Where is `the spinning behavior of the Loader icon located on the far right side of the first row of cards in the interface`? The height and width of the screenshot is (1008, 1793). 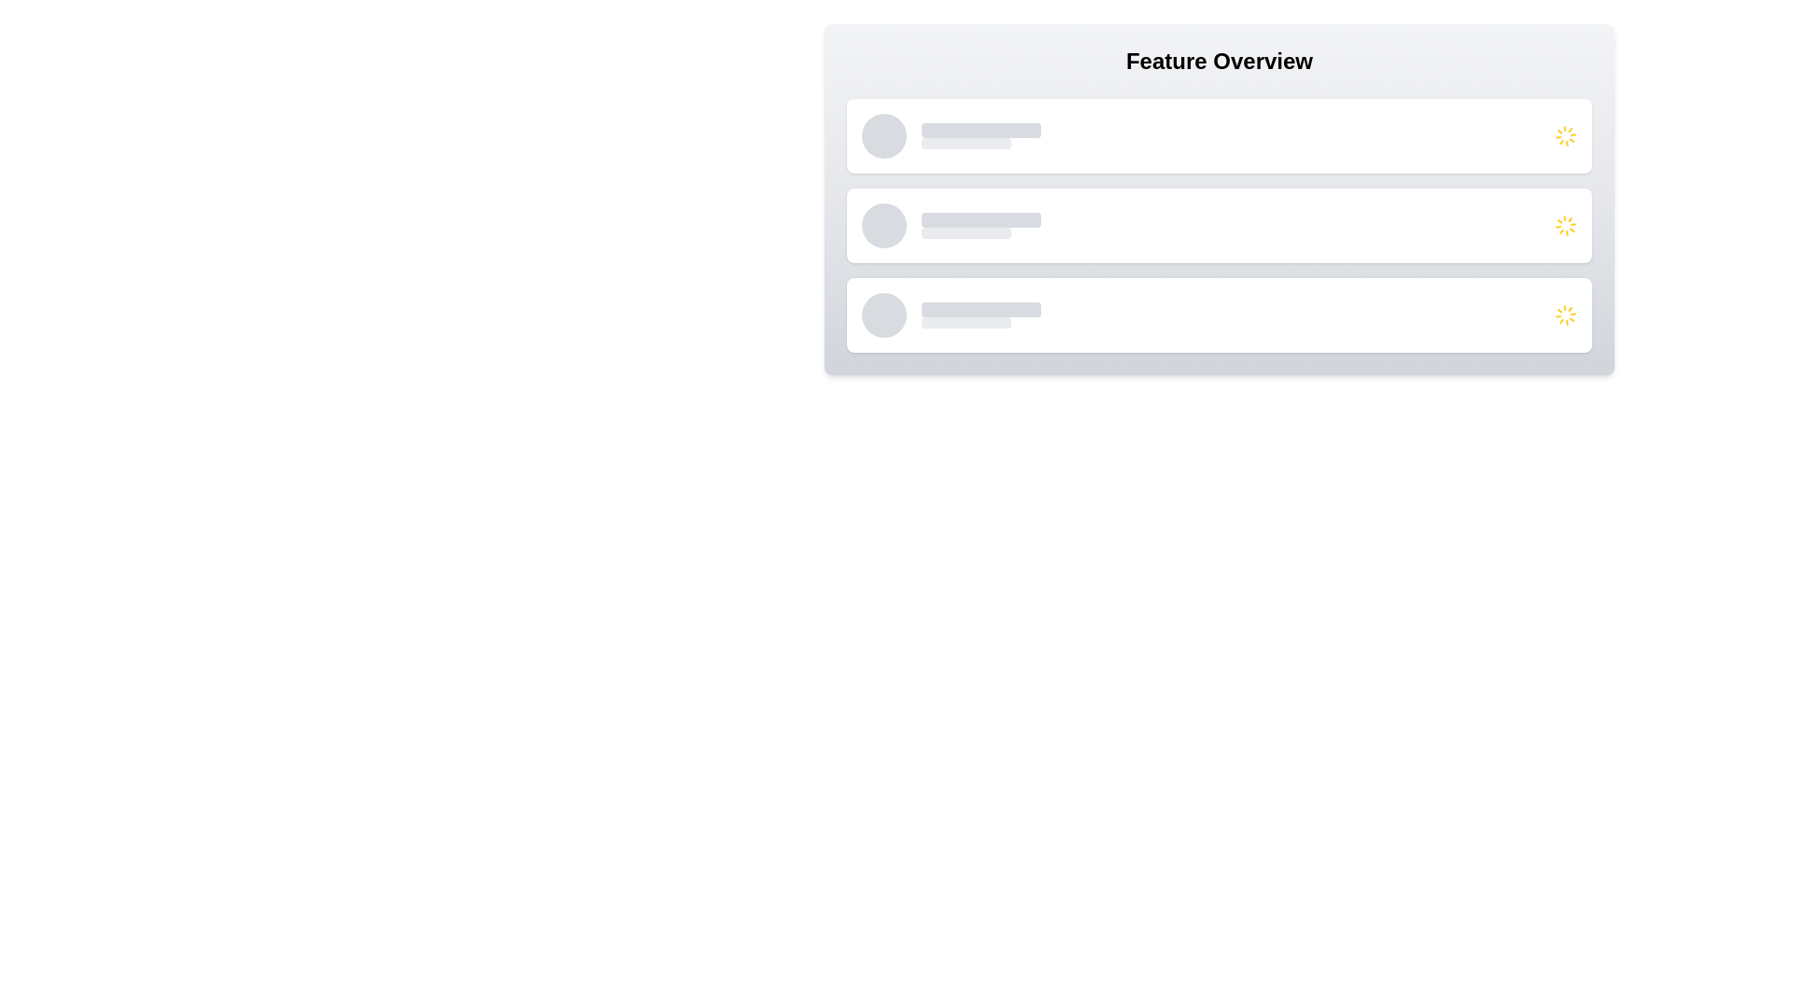 the spinning behavior of the Loader icon located on the far right side of the first row of cards in the interface is located at coordinates (1565, 135).